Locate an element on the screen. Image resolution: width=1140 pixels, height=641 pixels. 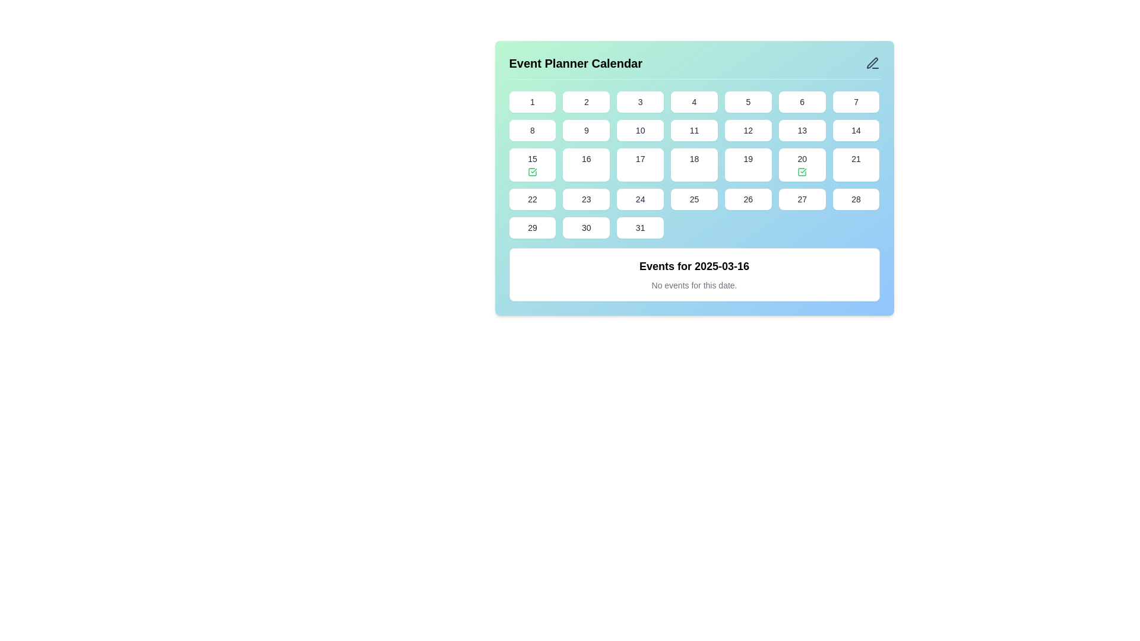
the button with the number '10' centered in bold gray font, located in the second row and third column of the calendar grid is located at coordinates (639, 130).